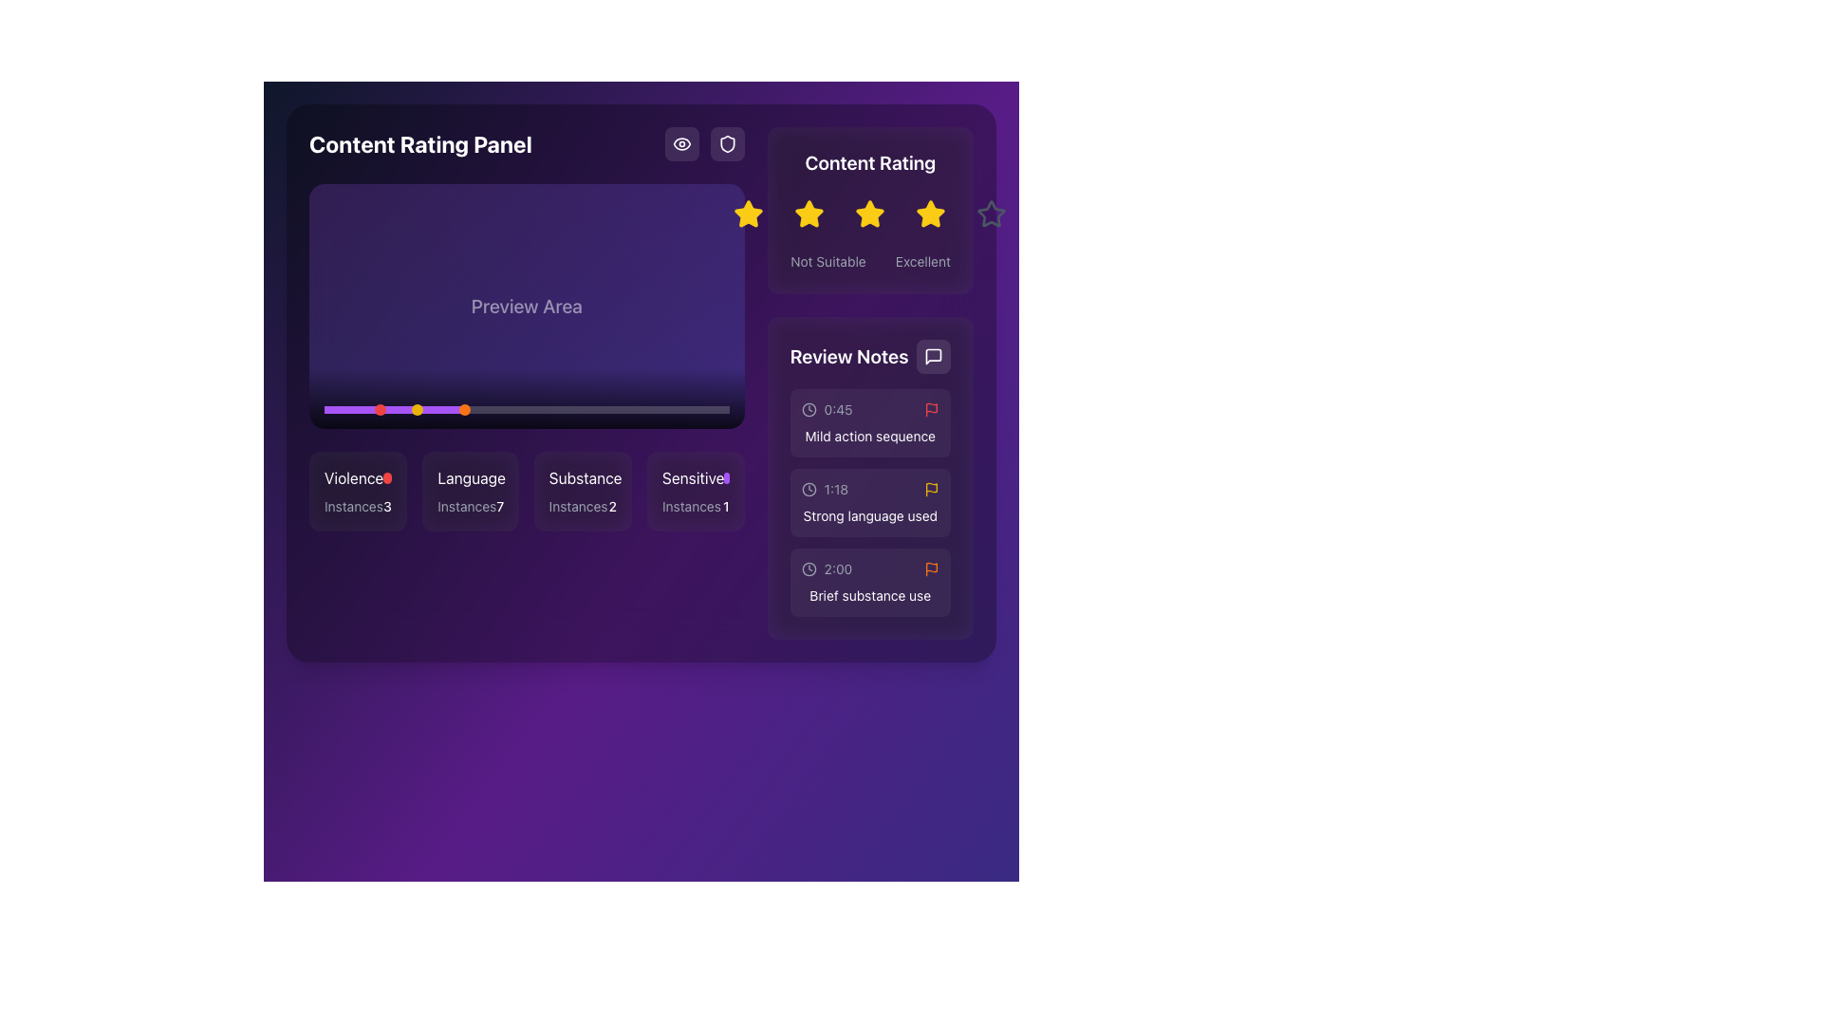  I want to click on the static text label displaying 'Instances', which is part of the 'Substance' box and positioned to the left of the numerical value '2', so click(578, 505).